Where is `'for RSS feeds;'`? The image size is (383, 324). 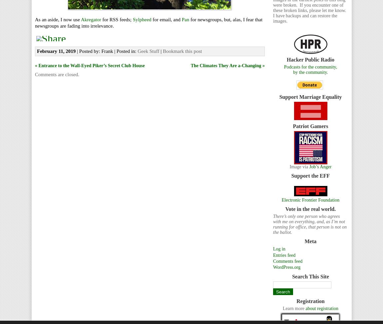 'for RSS feeds;' is located at coordinates (117, 19).